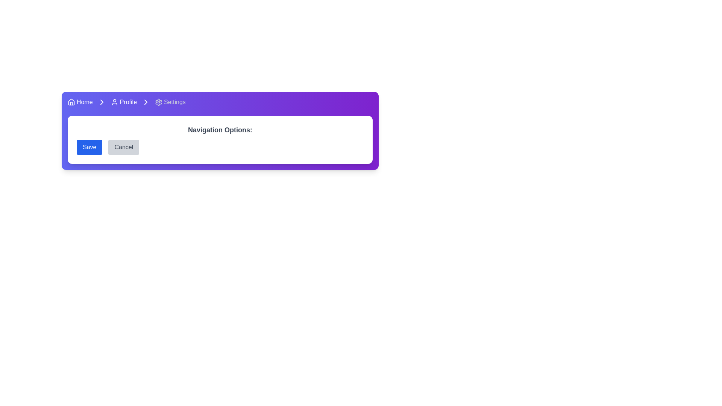  What do you see at coordinates (71, 101) in the screenshot?
I see `the stylized house icon located in the navigation bar next to the 'Home' label` at bounding box center [71, 101].